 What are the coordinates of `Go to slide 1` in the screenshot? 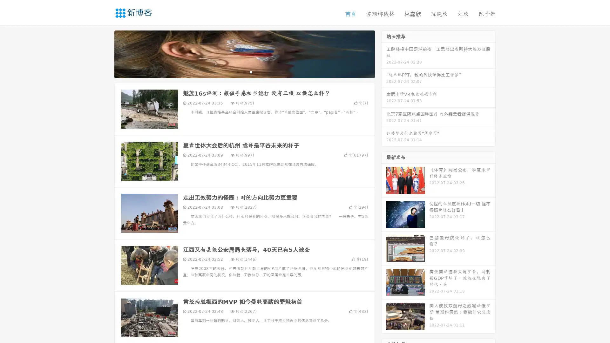 It's located at (238, 71).